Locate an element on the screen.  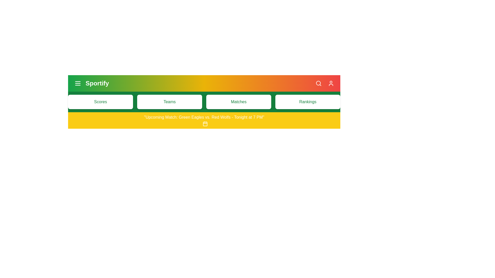
the menu icon to toggle the menu visibility is located at coordinates (78, 83).